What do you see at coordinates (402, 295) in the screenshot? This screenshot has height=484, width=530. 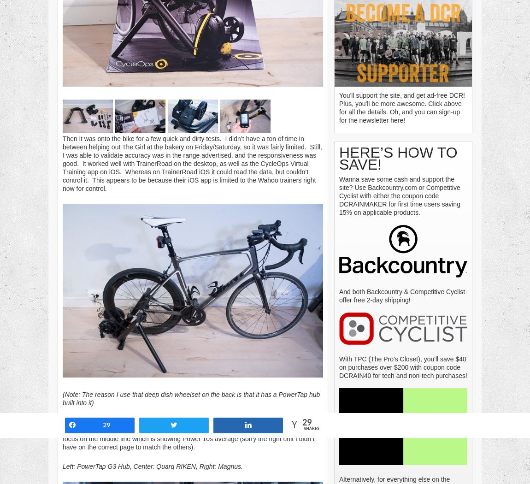 I see `'And both Backcountry & Competitive Cyclist offer free 2-day shipping!'` at bounding box center [402, 295].